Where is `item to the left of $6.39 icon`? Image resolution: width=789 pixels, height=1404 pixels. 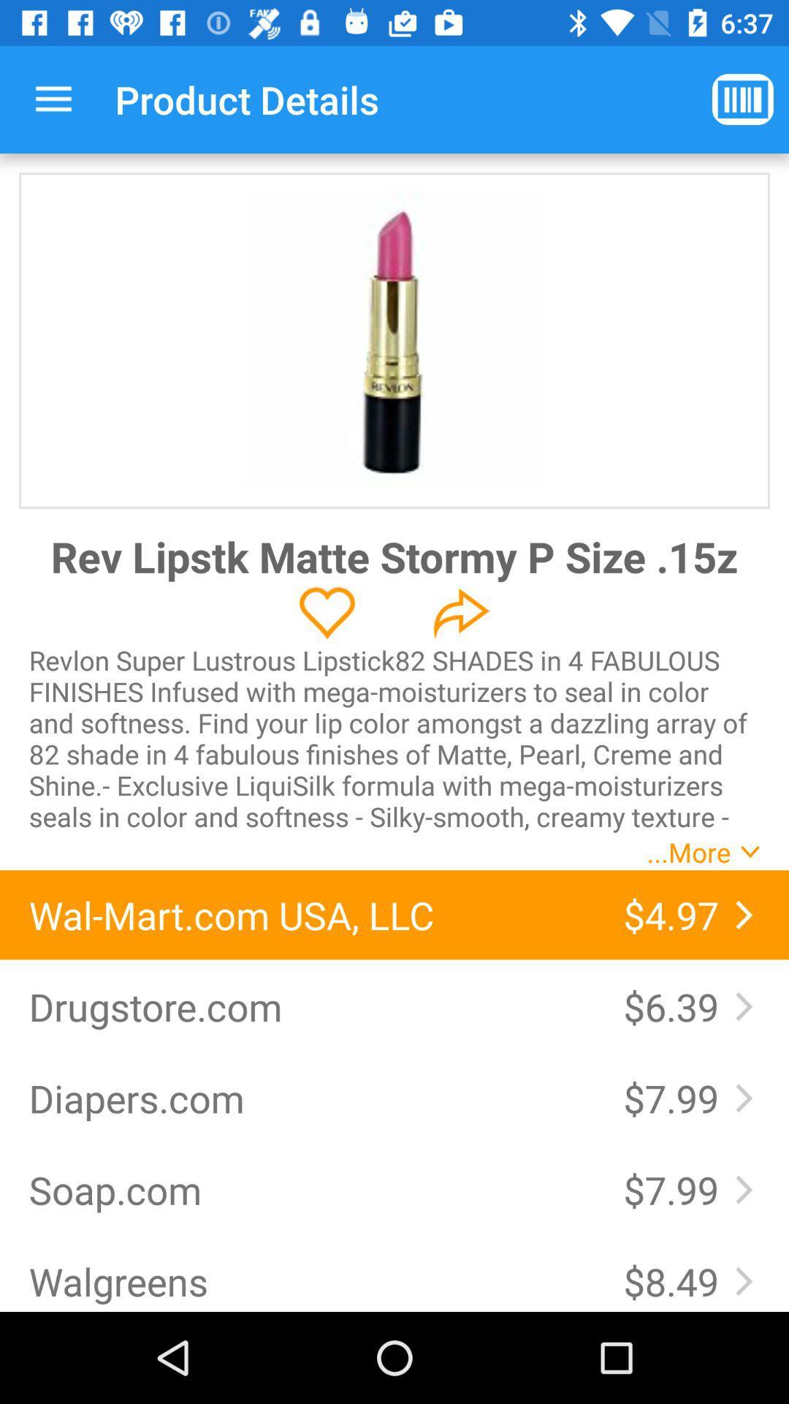 item to the left of $6.39 icon is located at coordinates (310, 1005).